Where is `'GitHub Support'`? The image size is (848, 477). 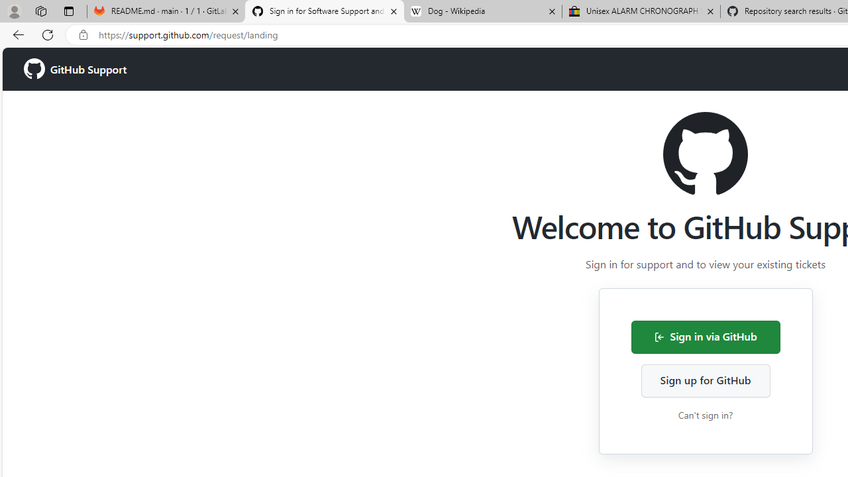 'GitHub Support' is located at coordinates (74, 69).